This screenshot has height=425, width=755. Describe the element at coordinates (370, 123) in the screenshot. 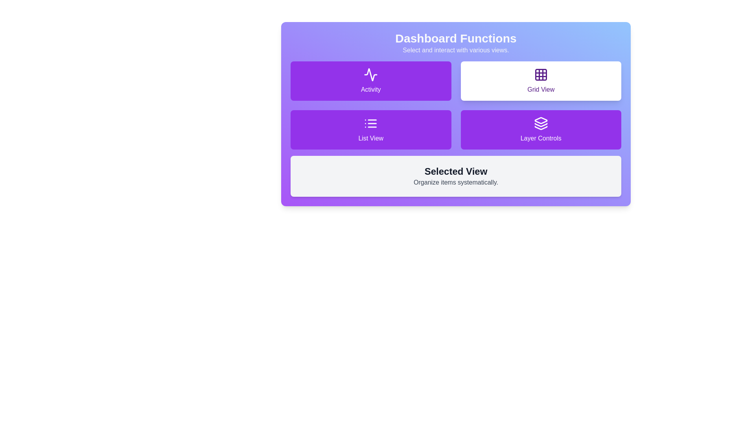

I see `the 'List View' icon located in the second group of buttons, positioned to the left of the 'List View' text` at that location.